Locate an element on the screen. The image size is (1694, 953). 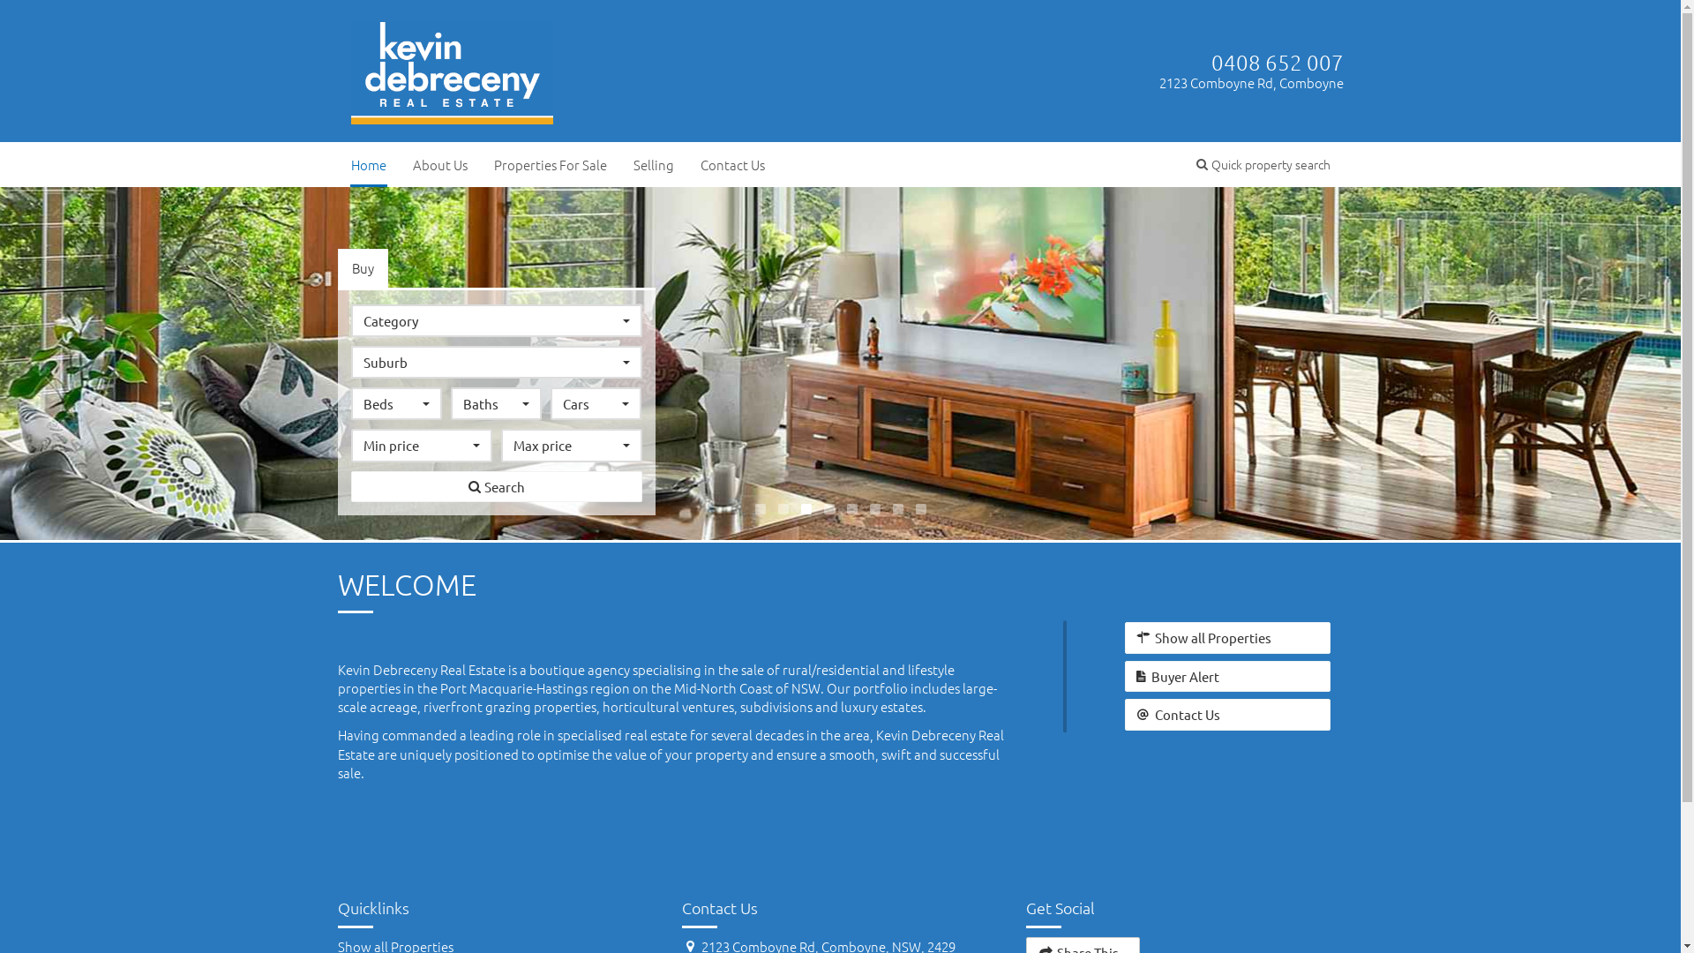
'Buy' is located at coordinates (337, 267).